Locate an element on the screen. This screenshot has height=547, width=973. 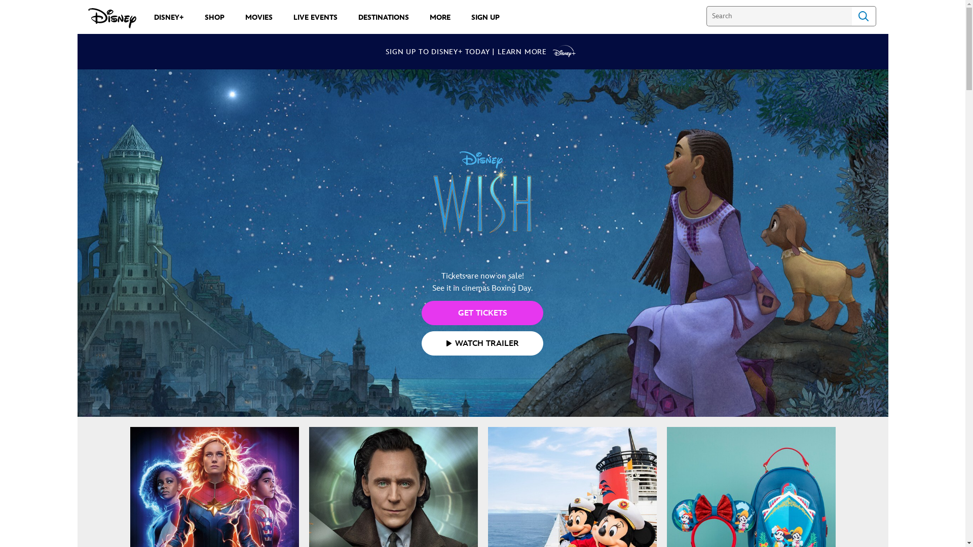
'SIGN UP TO DISNEY+ TODAY | LEARN MORE' is located at coordinates (481, 52).